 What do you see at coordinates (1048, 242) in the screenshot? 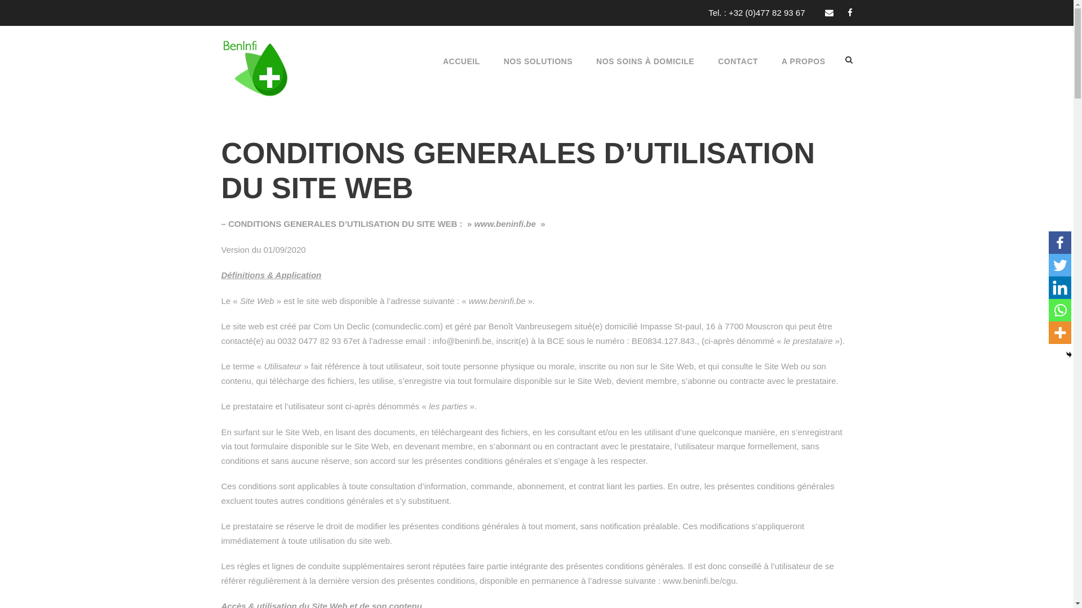
I see `'Facebook'` at bounding box center [1048, 242].